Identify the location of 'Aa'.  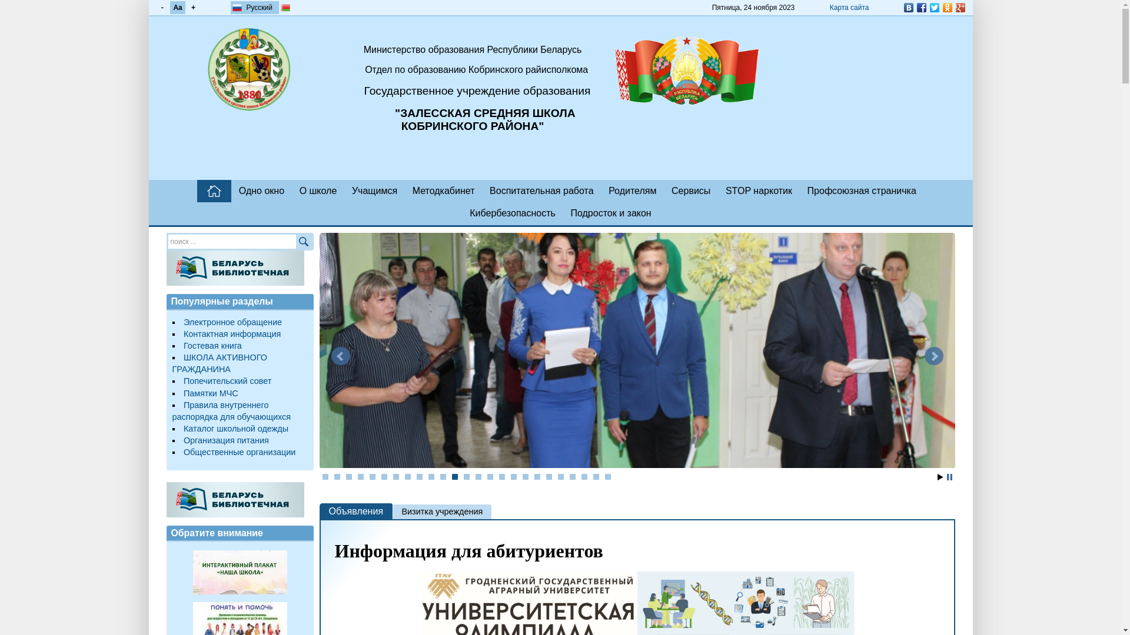
(169, 7).